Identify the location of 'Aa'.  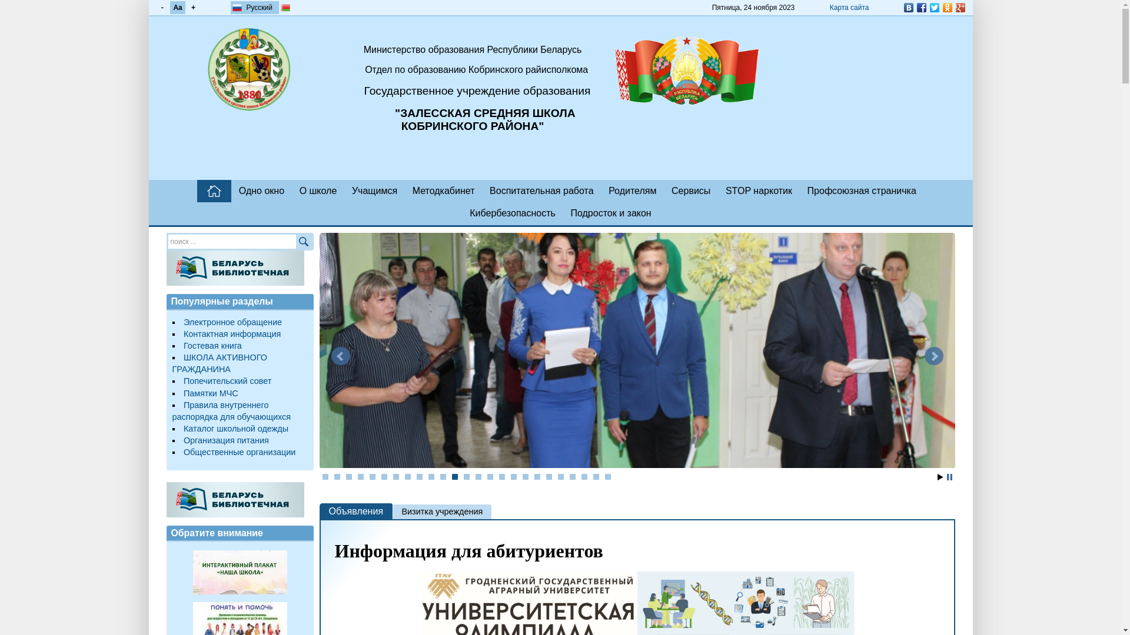
(169, 7).